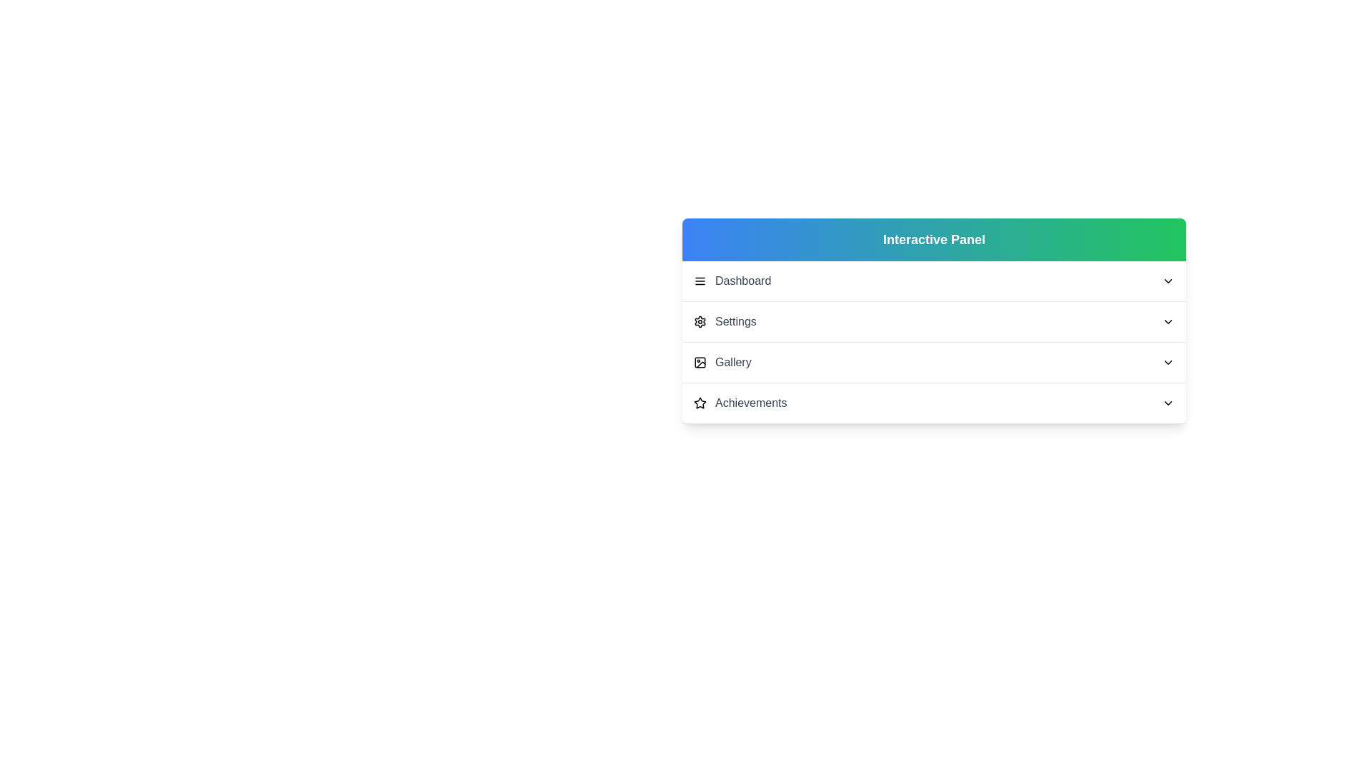 This screenshot has height=771, width=1372. I want to click on the 'Gallery' menu label in the Interactive Panel, so click(733, 362).